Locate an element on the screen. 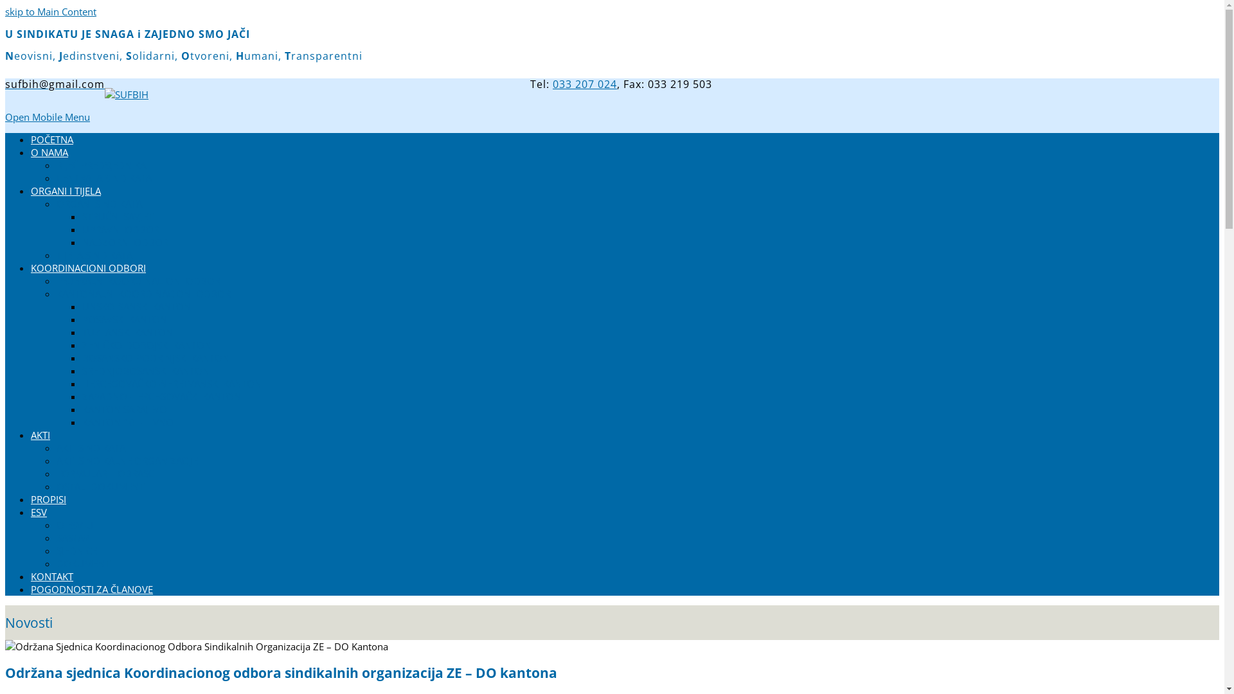  'UNSKO-SANSKI KANTON' is located at coordinates (136, 307).